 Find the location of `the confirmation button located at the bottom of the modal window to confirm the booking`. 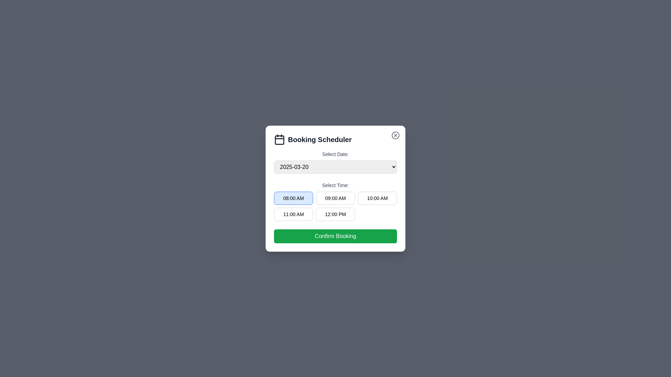

the confirmation button located at the bottom of the modal window to confirm the booking is located at coordinates (335, 236).